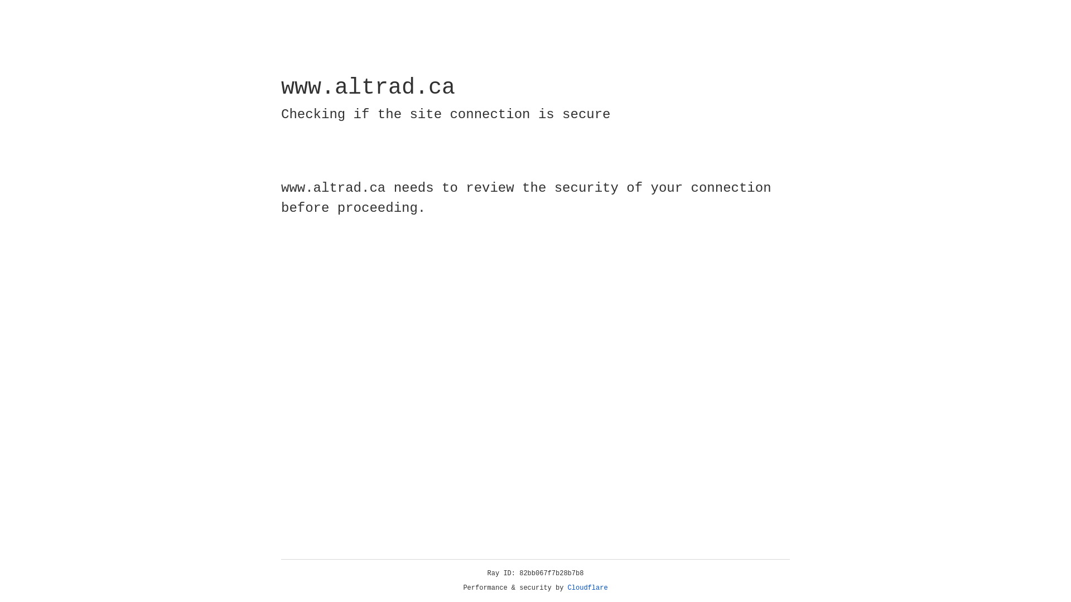  I want to click on 'Cloudflare', so click(587, 588).